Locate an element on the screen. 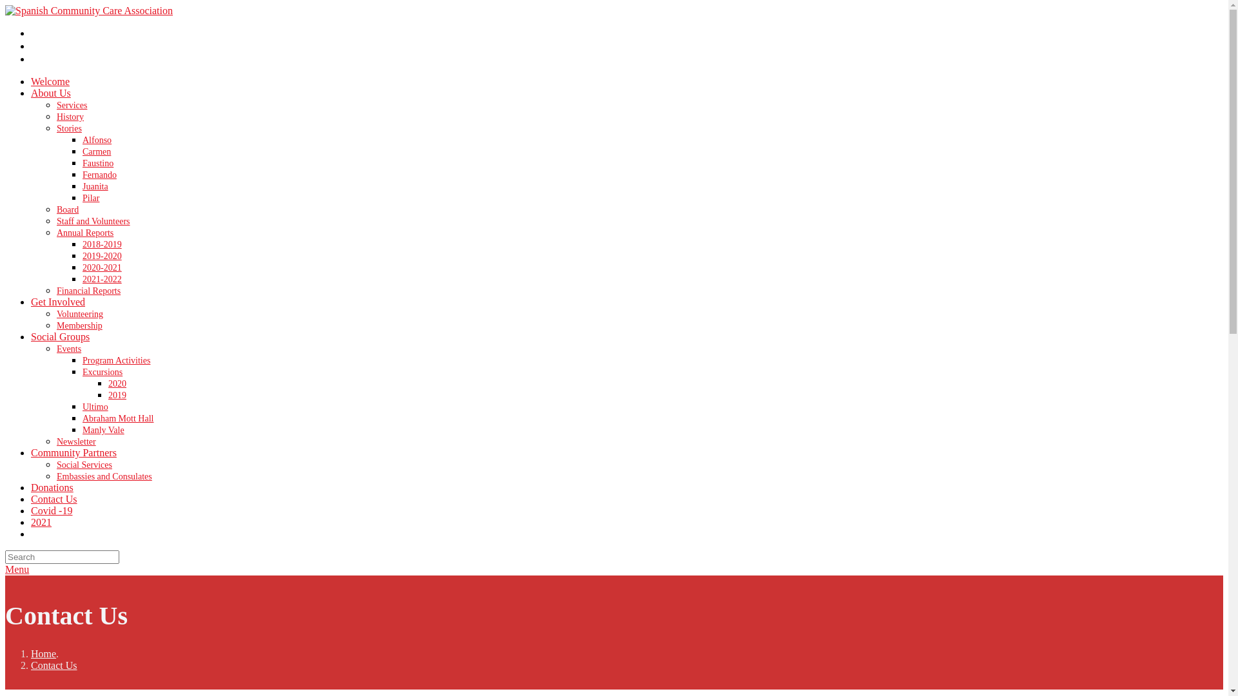 Image resolution: width=1238 pixels, height=696 pixels. 'Annual Reports' is located at coordinates (84, 233).